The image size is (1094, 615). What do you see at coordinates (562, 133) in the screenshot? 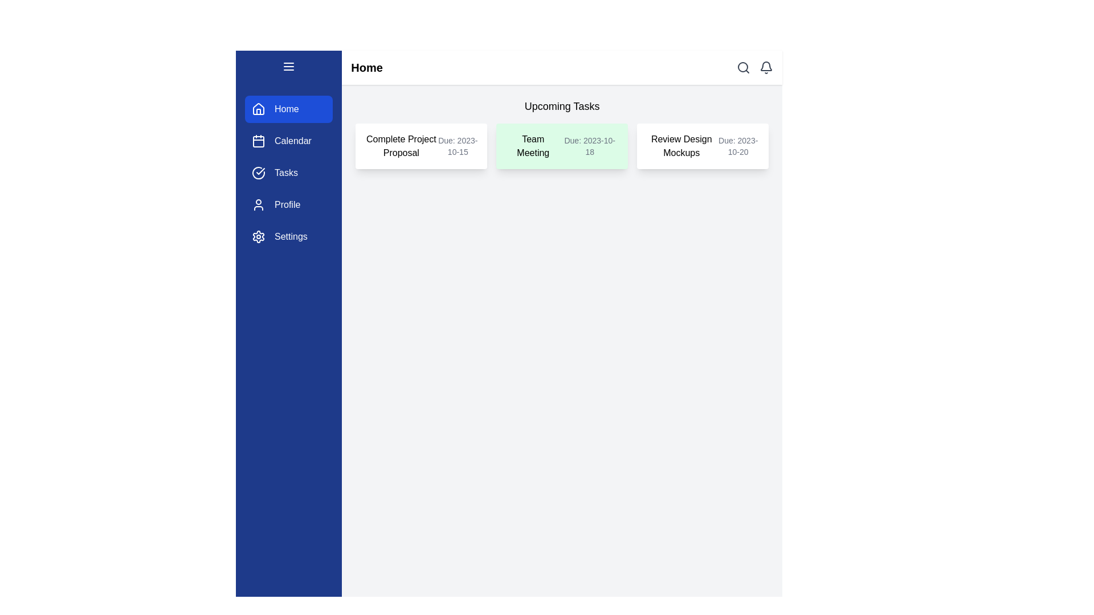
I see `the Information display card that contains the text 'Team Meeting' and 'Due: 2023-10-18', which is the second box in the row under the 'Upcoming Tasks' header` at bounding box center [562, 133].